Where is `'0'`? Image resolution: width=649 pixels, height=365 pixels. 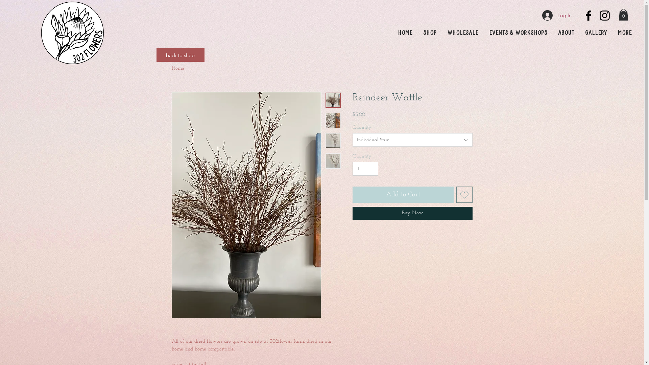 '0' is located at coordinates (618, 15).